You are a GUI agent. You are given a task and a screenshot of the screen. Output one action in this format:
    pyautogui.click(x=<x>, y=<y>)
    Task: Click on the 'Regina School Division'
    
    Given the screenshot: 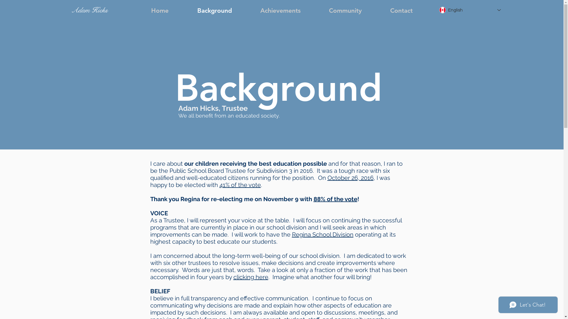 What is the action you would take?
    pyautogui.click(x=322, y=234)
    